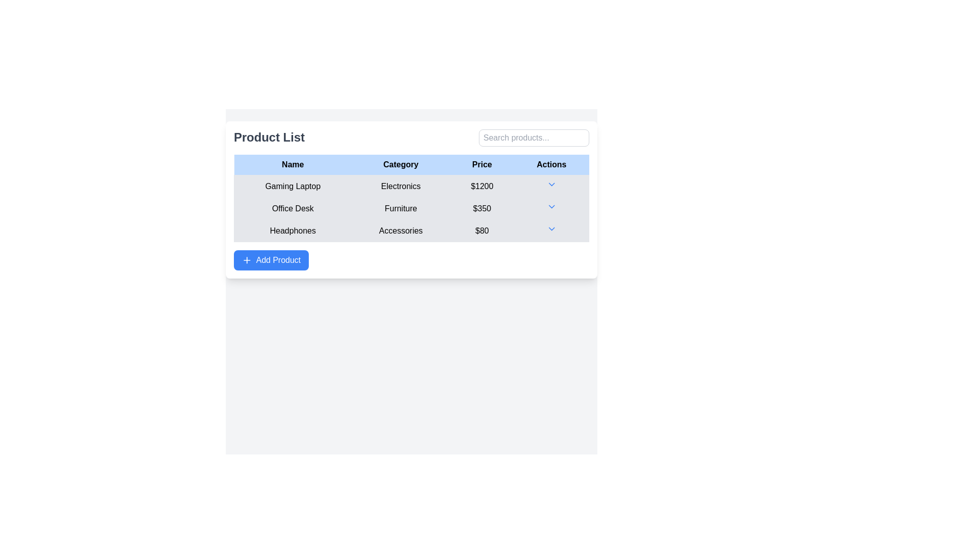 The image size is (972, 546). I want to click on the chevron icon of the dropdown toggle button located in the 'Actions' column of the second row in the product details table, which is to the right of the 'Price' column for the product priced at '$350' in the 'Furniture' category, so click(551, 206).